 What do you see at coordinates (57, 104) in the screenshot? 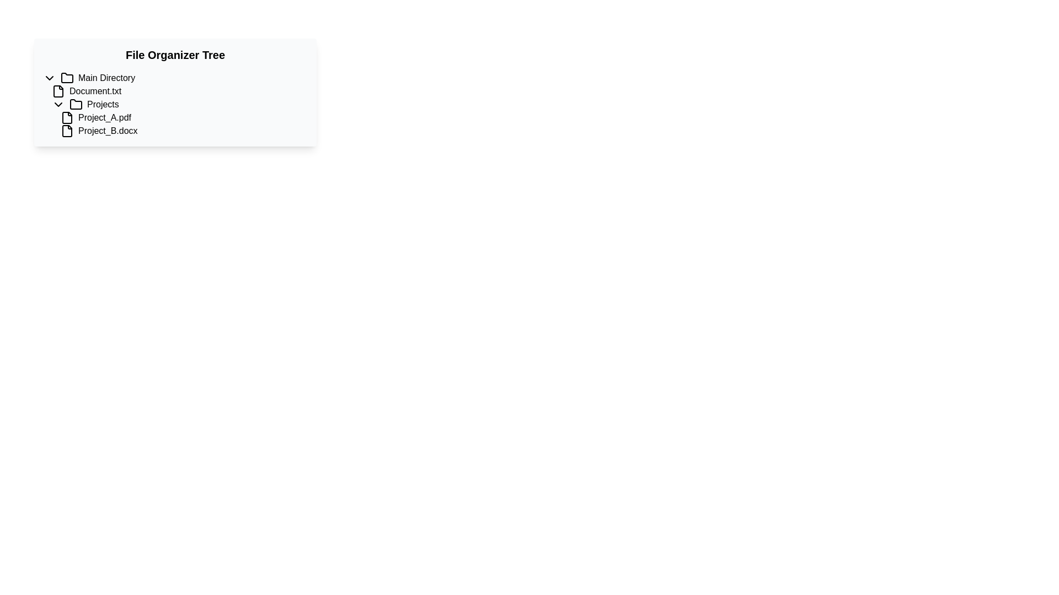
I see `the Chevron indicator icon` at bounding box center [57, 104].